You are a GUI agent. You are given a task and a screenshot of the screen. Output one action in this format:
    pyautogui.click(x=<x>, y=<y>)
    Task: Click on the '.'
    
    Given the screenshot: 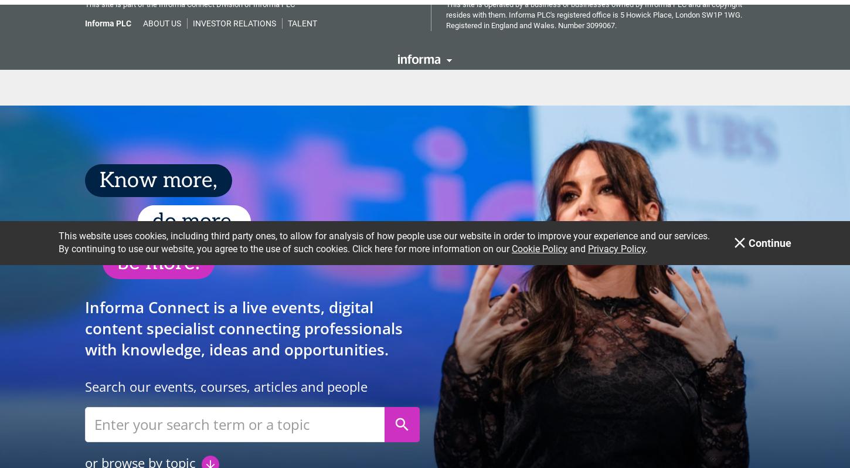 What is the action you would take?
    pyautogui.click(x=646, y=28)
    